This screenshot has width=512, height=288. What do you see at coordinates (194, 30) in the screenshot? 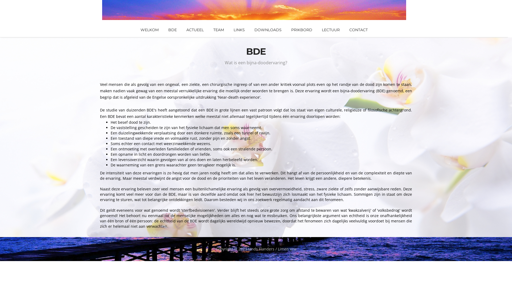
I see `'ACTUEEL'` at bounding box center [194, 30].